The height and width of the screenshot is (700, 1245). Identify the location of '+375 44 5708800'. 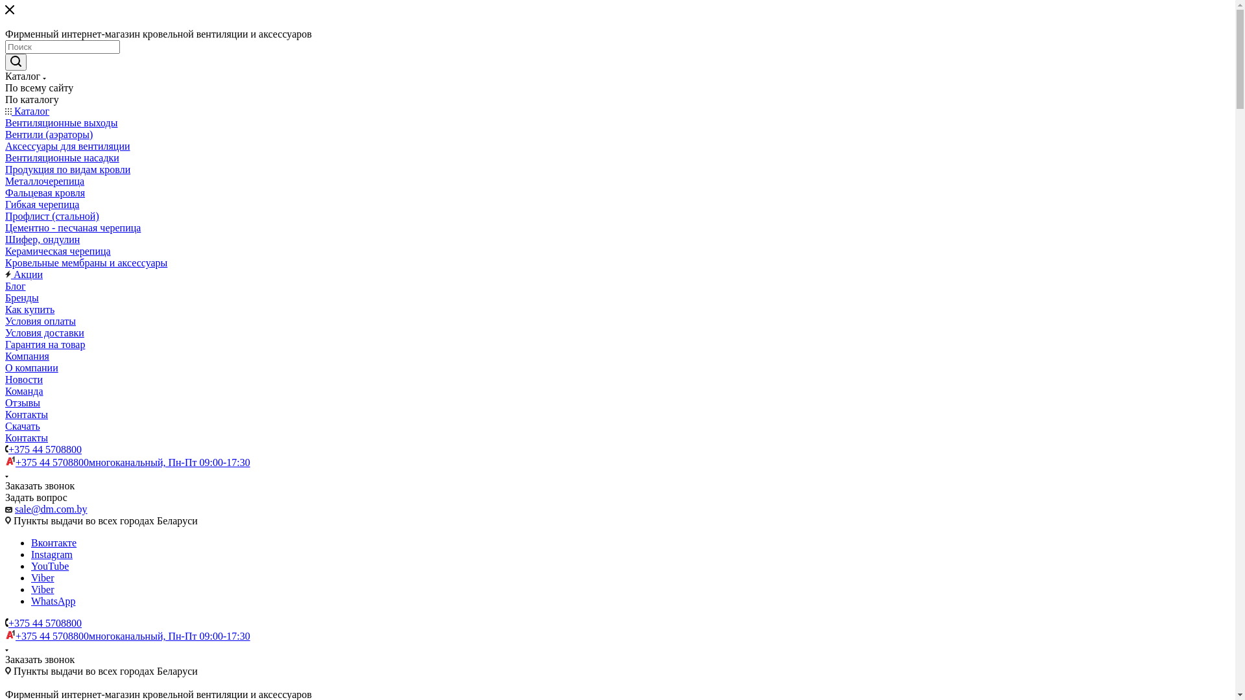
(45, 449).